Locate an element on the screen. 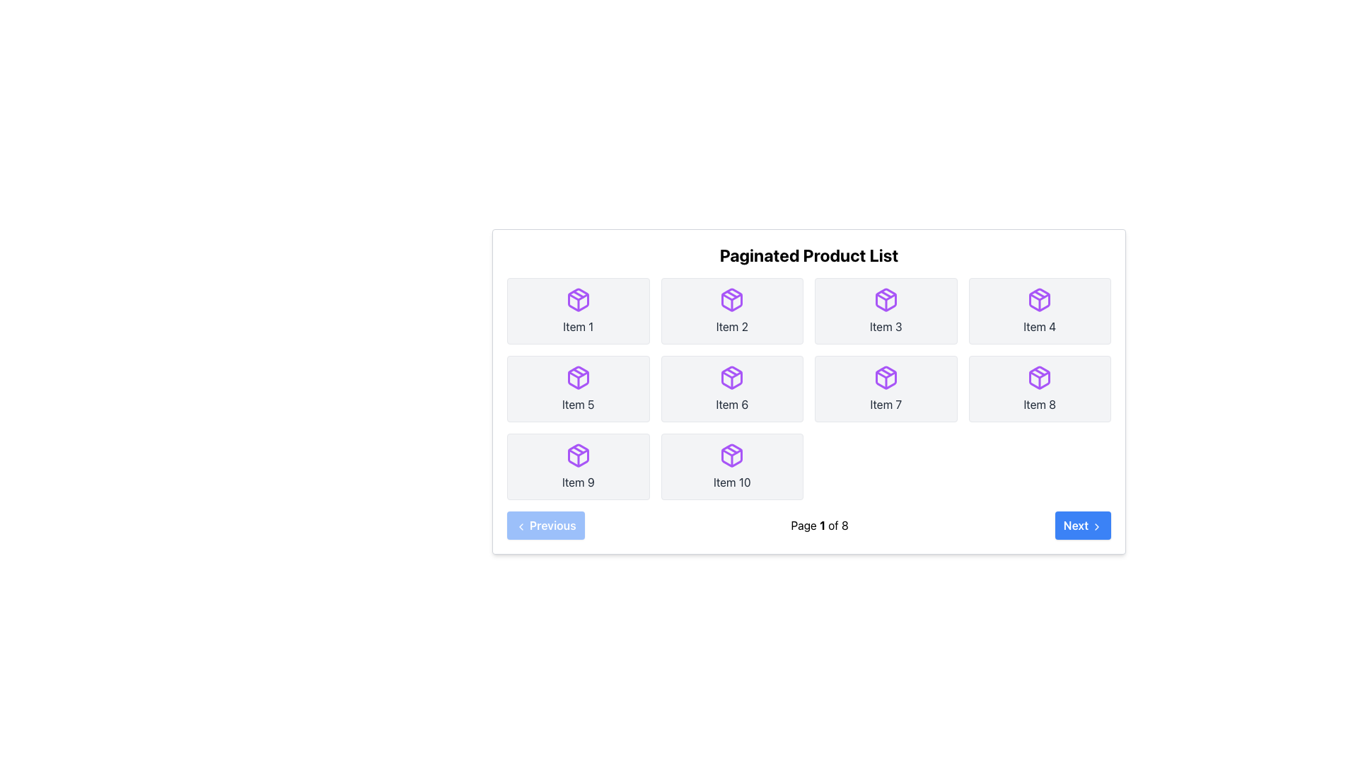 The height and width of the screenshot is (764, 1358). page information displayed in the center of the Pagination Bar, which is located at the bottom of the main content area, providing feedback on the current page and total pages is located at coordinates (808, 526).